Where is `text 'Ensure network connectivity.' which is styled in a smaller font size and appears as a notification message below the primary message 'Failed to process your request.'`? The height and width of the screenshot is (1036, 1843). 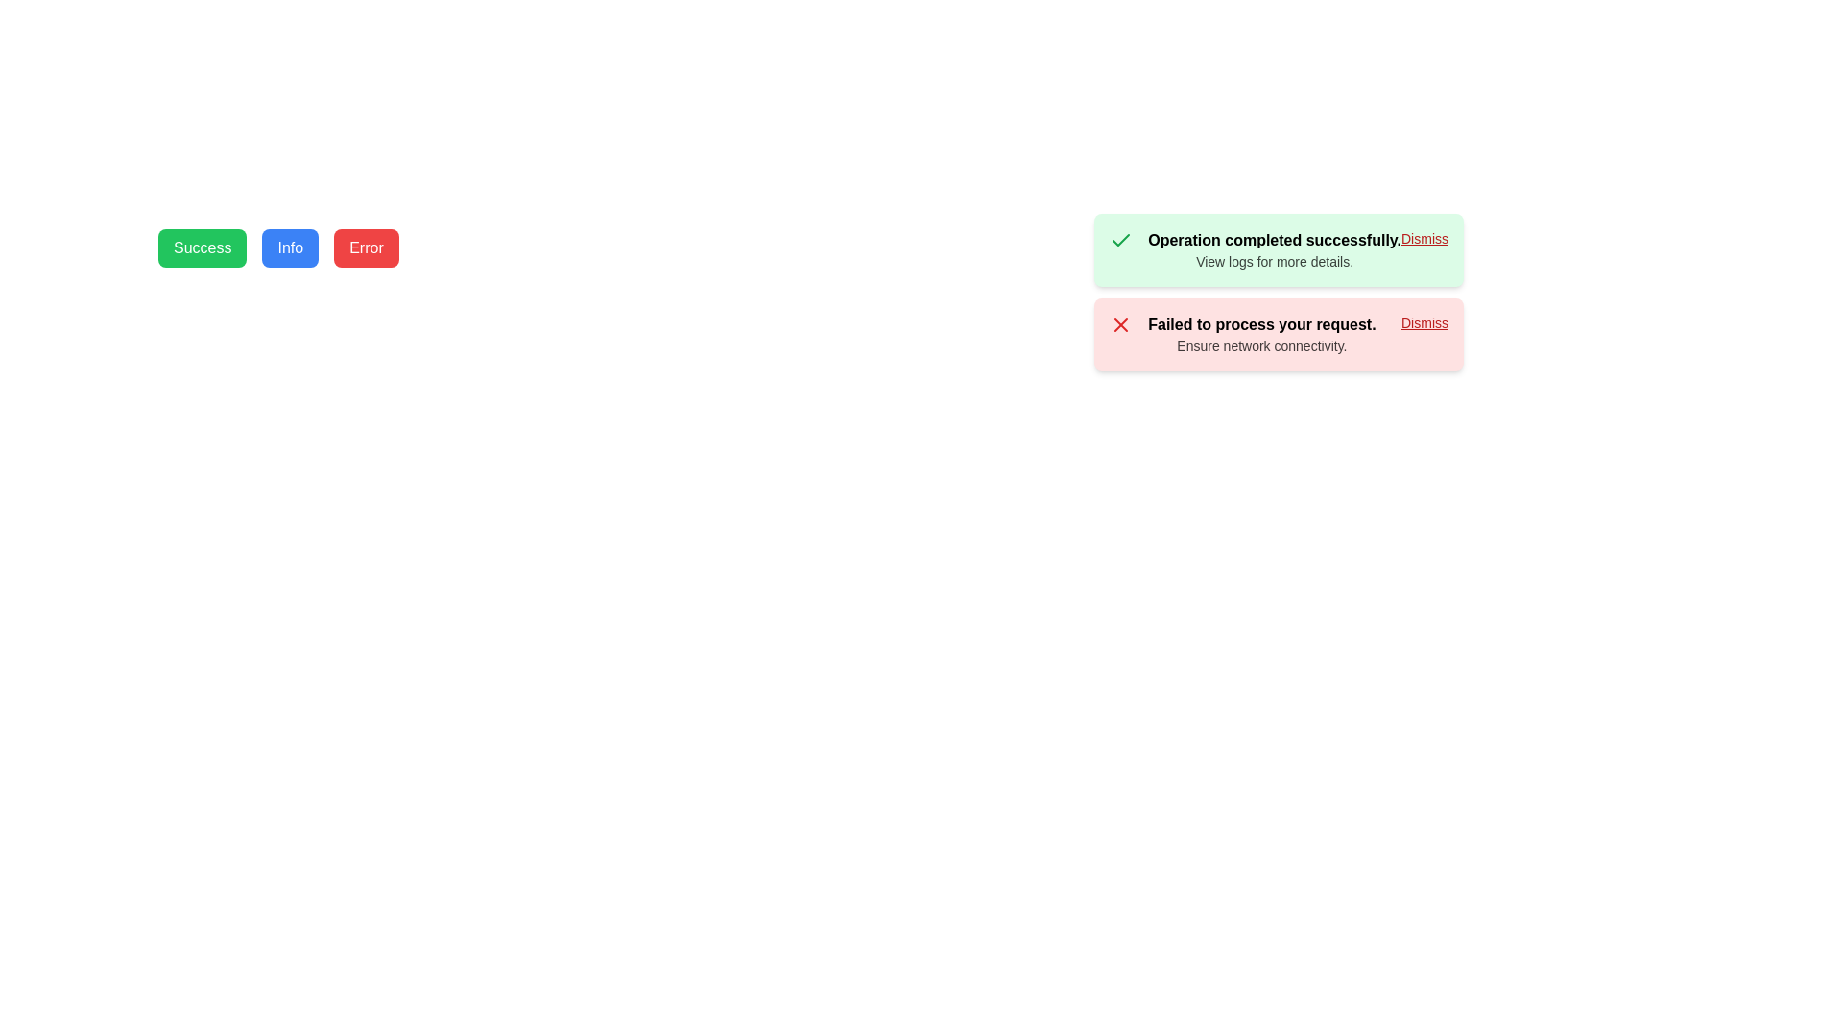 text 'Ensure network connectivity.' which is styled in a smaller font size and appears as a notification message below the primary message 'Failed to process your request.' is located at coordinates (1262, 346).